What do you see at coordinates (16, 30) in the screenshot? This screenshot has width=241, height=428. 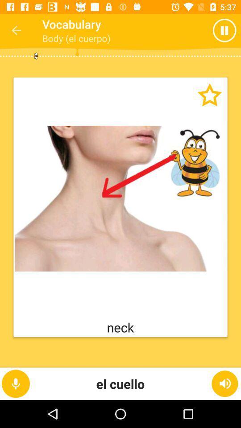 I see `the icon next to the vocabulary icon` at bounding box center [16, 30].